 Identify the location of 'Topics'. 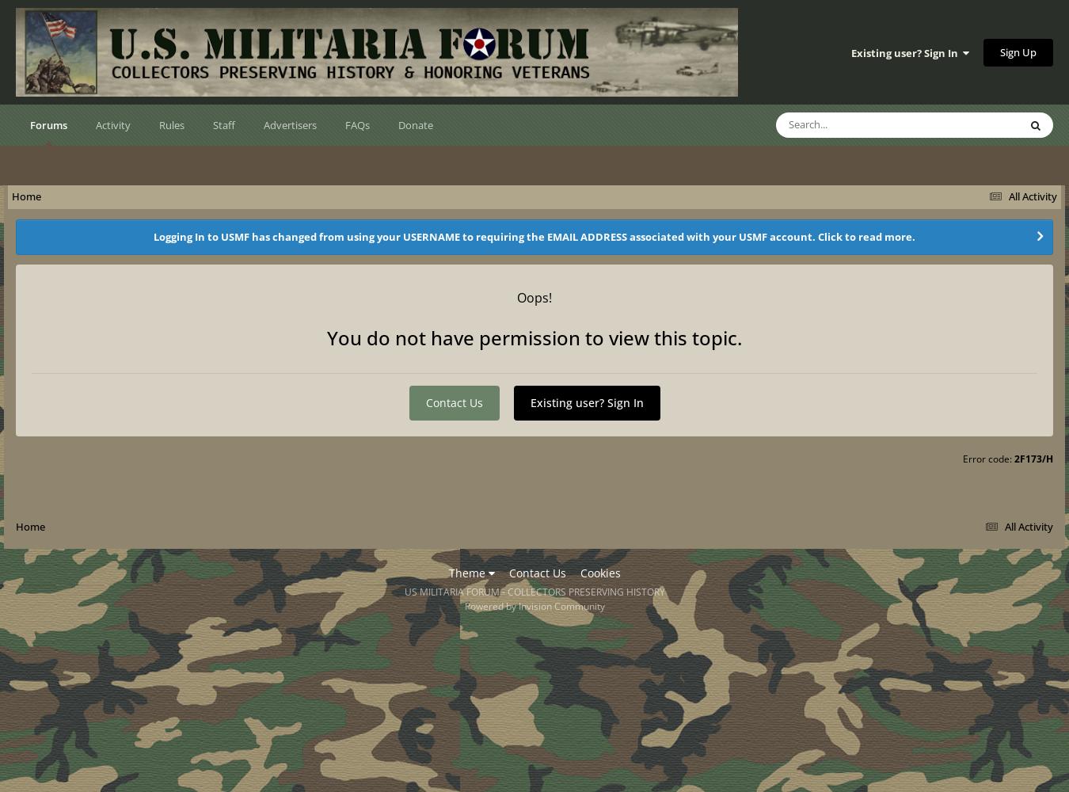
(912, 184).